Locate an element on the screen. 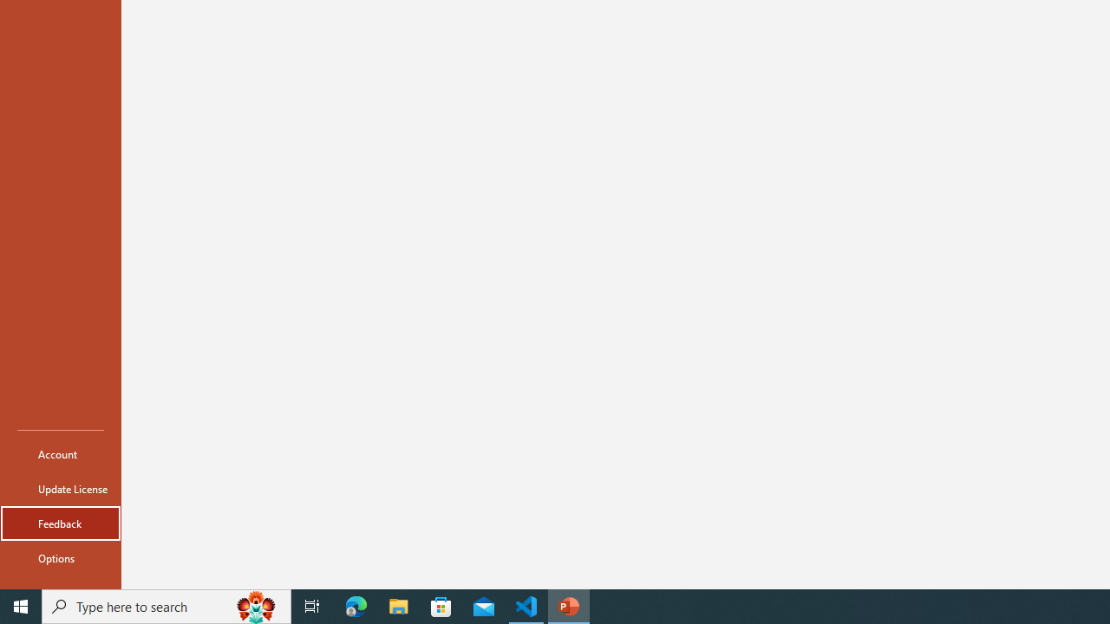 The height and width of the screenshot is (624, 1110). 'Update License' is located at coordinates (60, 489).